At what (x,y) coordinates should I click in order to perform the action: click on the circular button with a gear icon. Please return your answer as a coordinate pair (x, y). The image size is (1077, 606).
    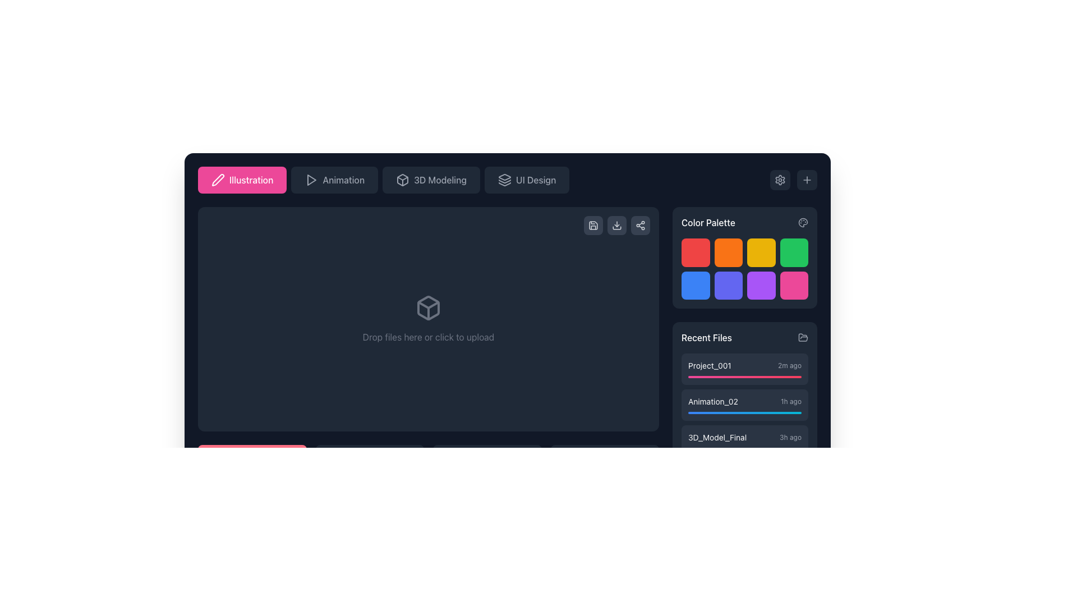
    Looking at the image, I should click on (780, 179).